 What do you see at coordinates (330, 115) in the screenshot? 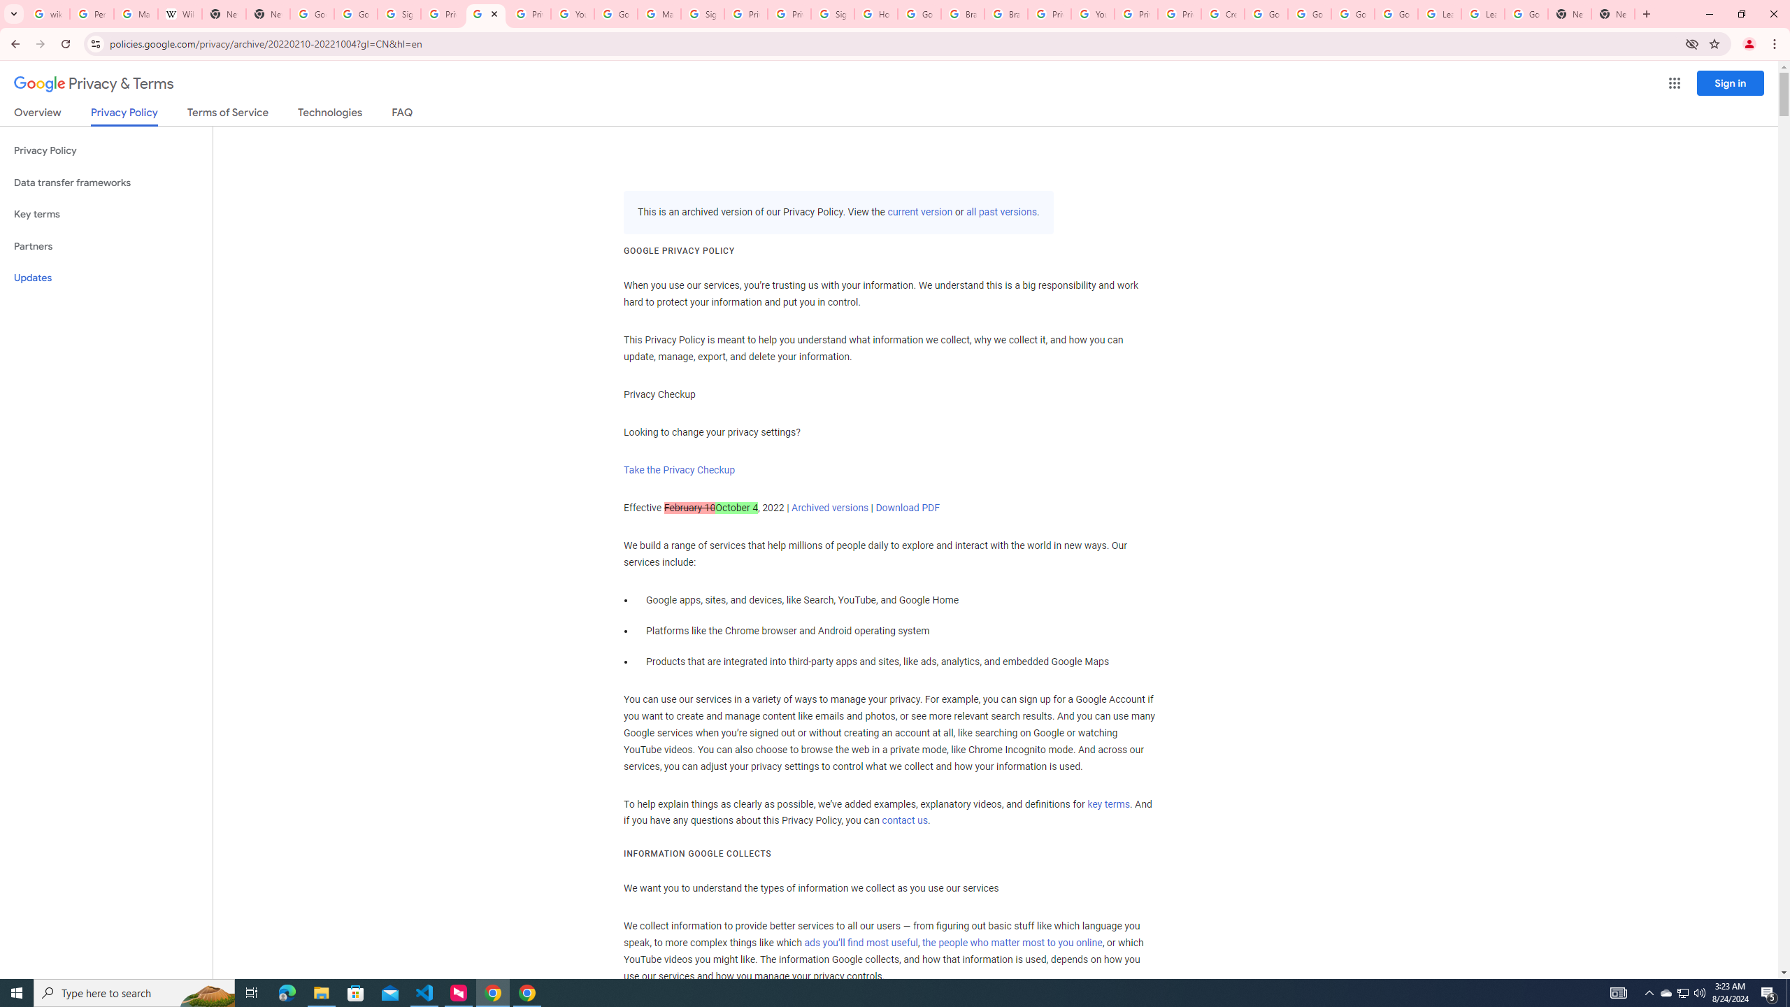
I see `'Technologies'` at bounding box center [330, 115].